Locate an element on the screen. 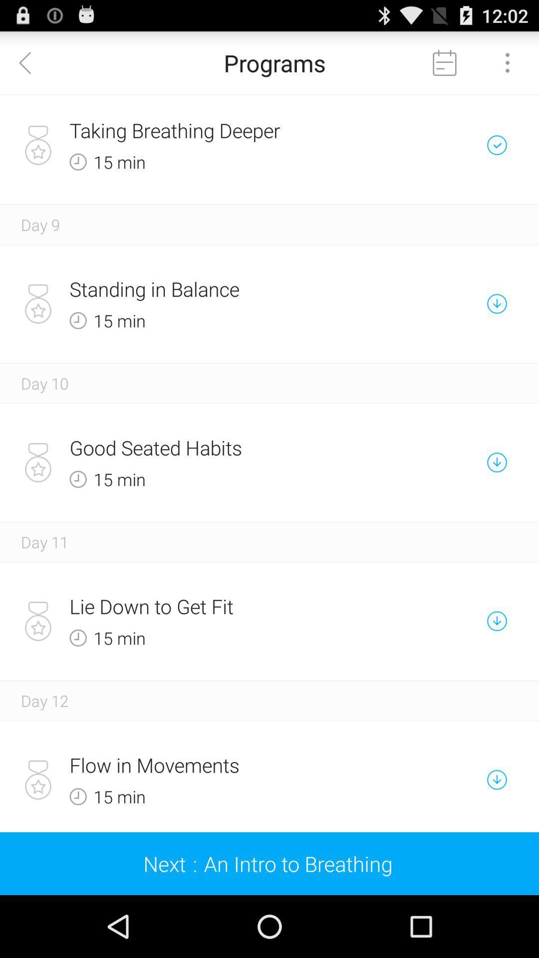 This screenshot has width=539, height=958. calendar is located at coordinates (444, 62).